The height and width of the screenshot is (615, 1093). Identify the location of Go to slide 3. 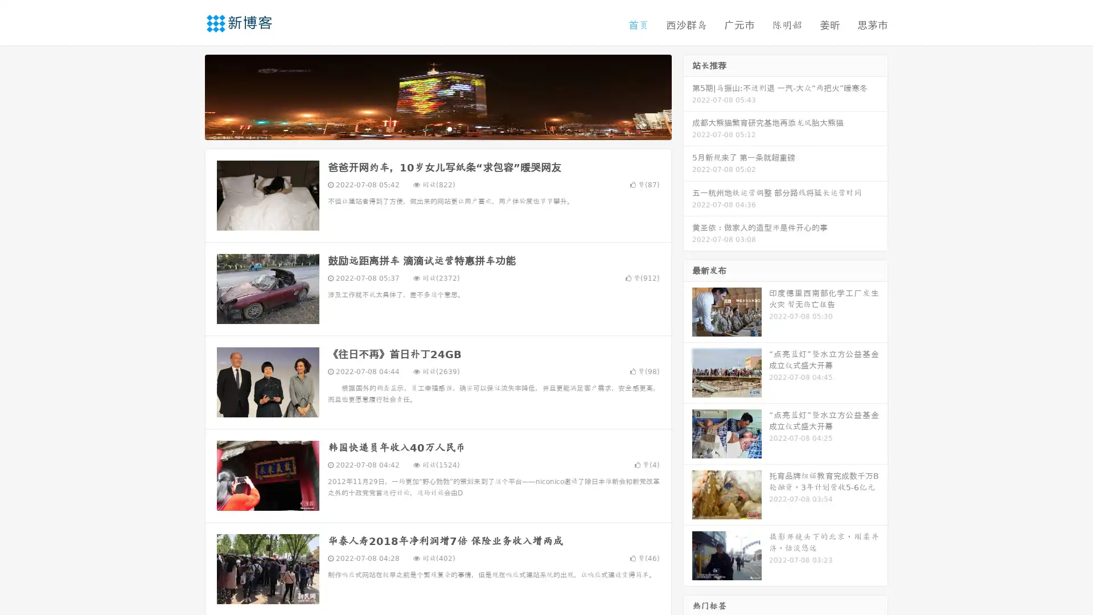
(449, 128).